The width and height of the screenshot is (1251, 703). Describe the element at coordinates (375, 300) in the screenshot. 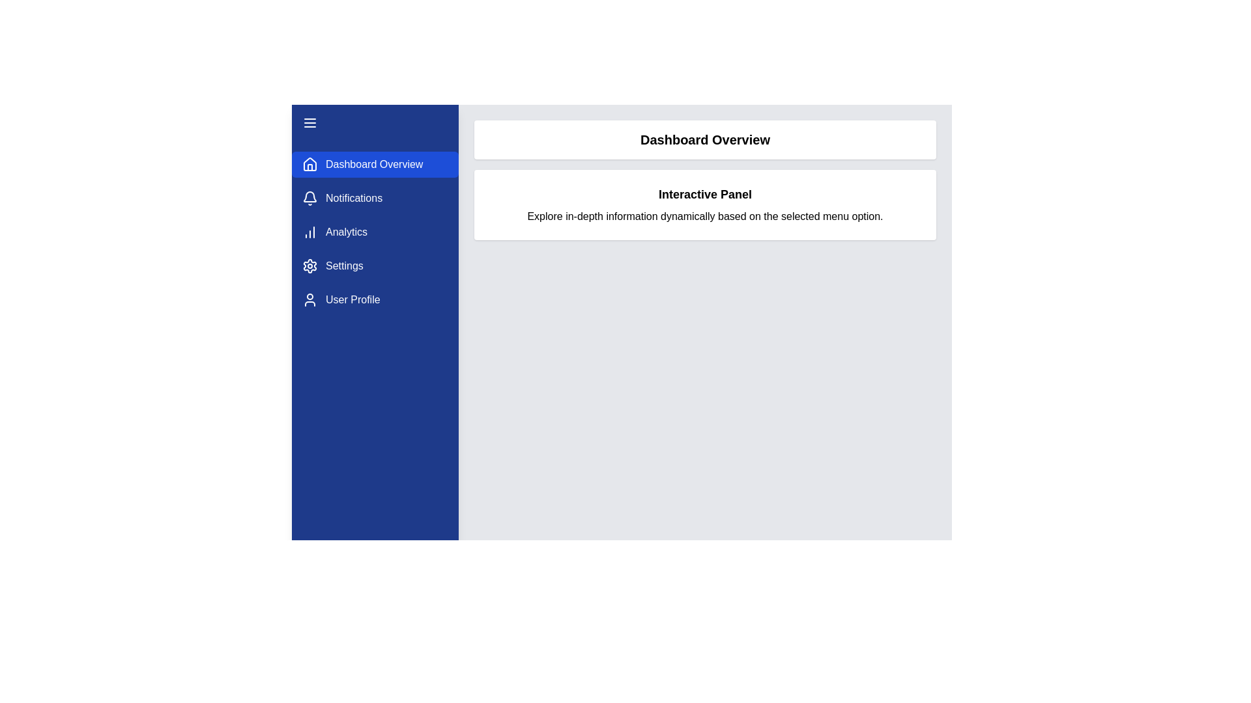

I see `the 'User Profile' menu item, which displays a user silhouette icon on the left and the label 'User Profile' on the right, located at the bottom of the vertical menu on the left side of the interface` at that location.